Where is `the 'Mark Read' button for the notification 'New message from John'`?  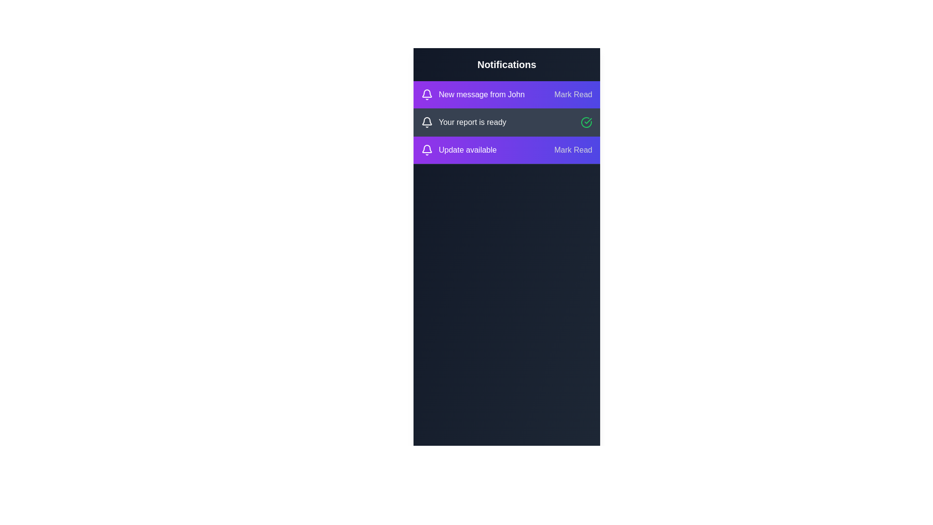 the 'Mark Read' button for the notification 'New message from John' is located at coordinates (573, 95).